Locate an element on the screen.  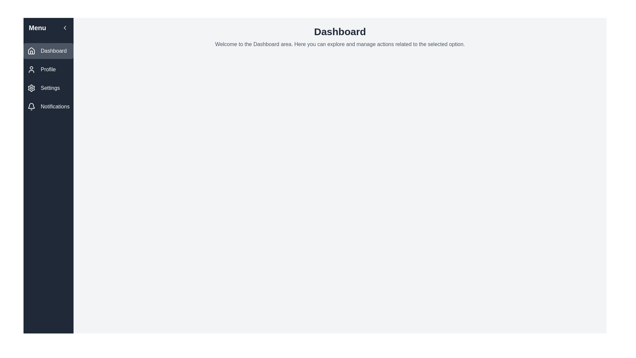
the profile icon located on the left vertical navigation bar, which is a minimalistic user representation icon positioned above the text 'Profile' is located at coordinates (31, 69).